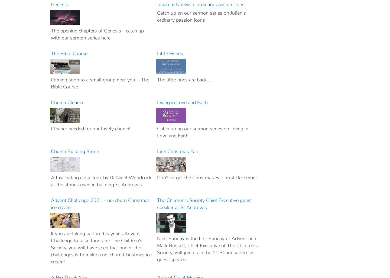 Image resolution: width=390 pixels, height=278 pixels. I want to click on 'Catch up on our sermon series on Julian's ordinary passion icons', so click(201, 16).